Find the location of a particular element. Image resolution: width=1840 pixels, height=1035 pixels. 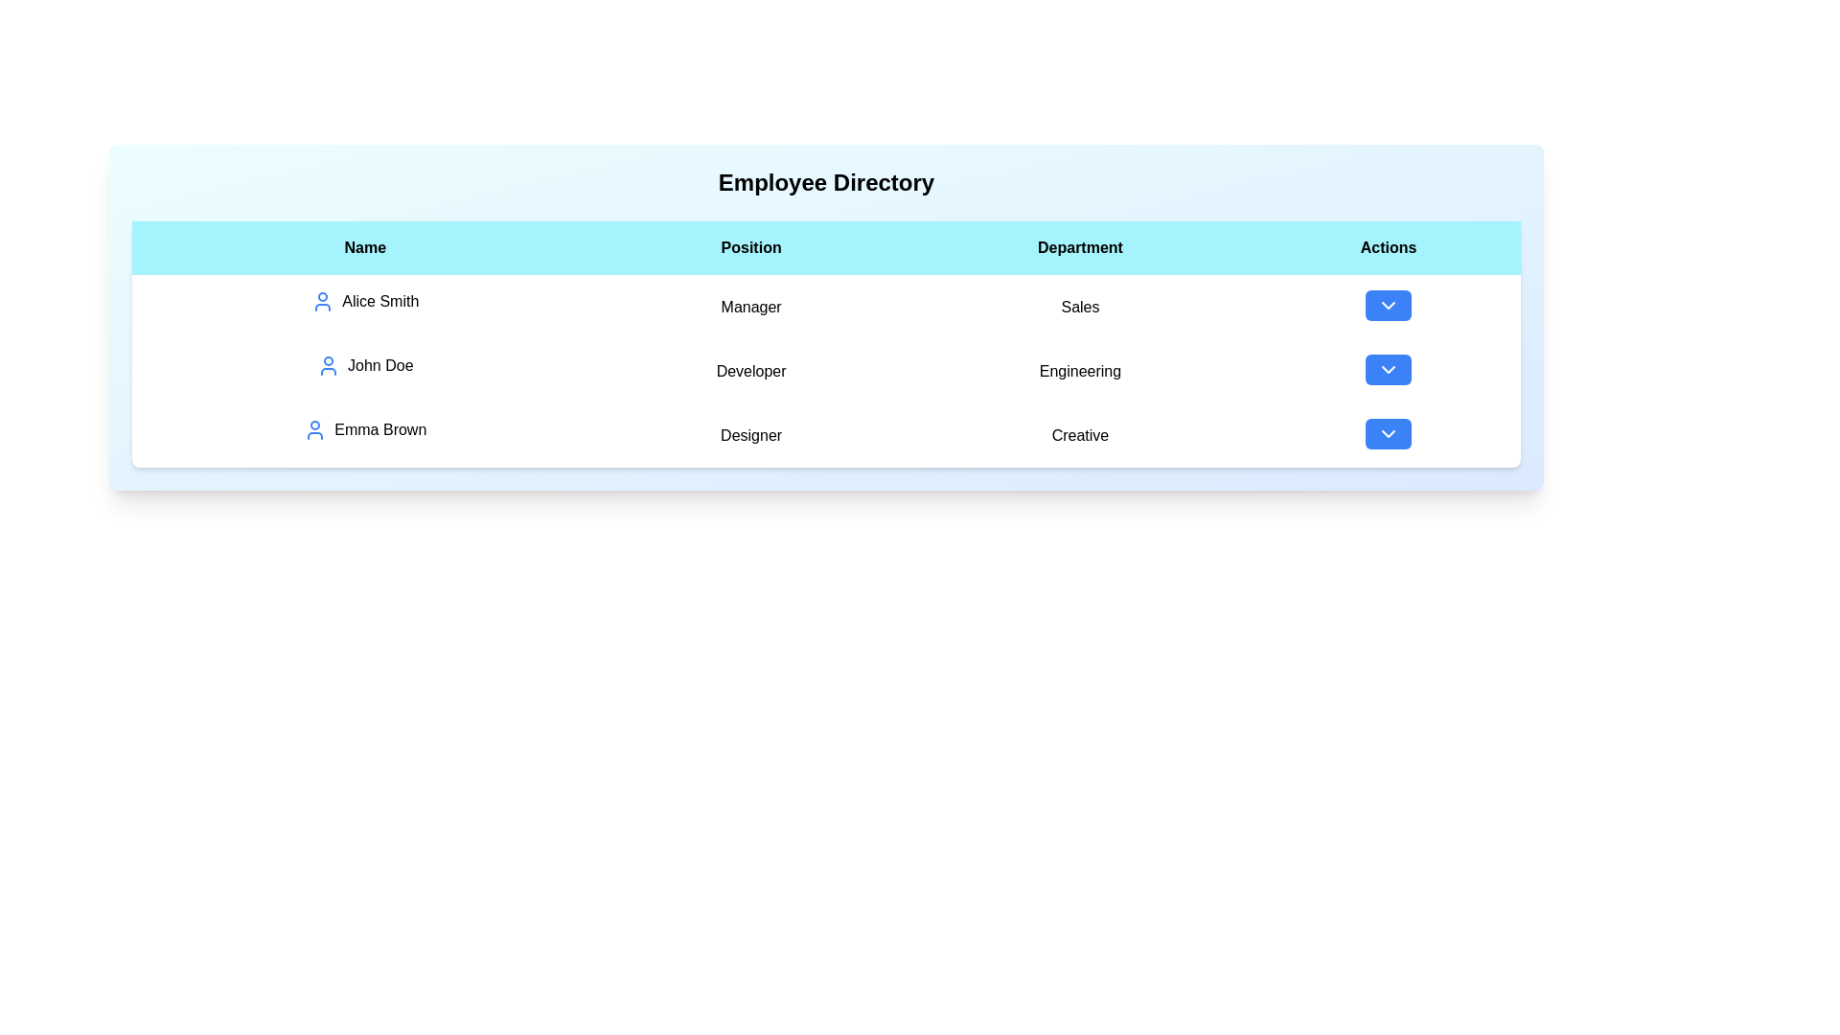

the blue rectangular Dropdown toggle button with a white downward-pointing arrow in the 'Actions' column of the second row is located at coordinates (1389, 369).